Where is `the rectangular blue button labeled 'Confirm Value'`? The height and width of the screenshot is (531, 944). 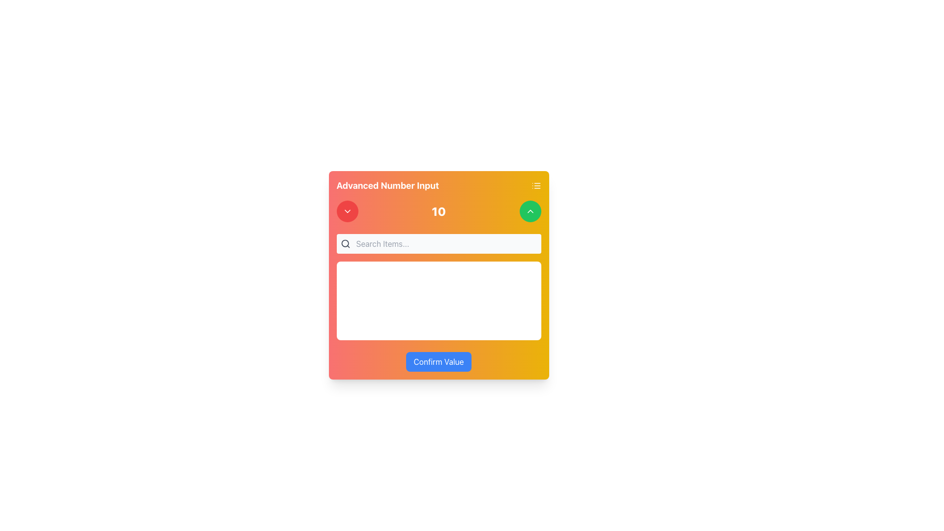 the rectangular blue button labeled 'Confirm Value' is located at coordinates (438, 362).